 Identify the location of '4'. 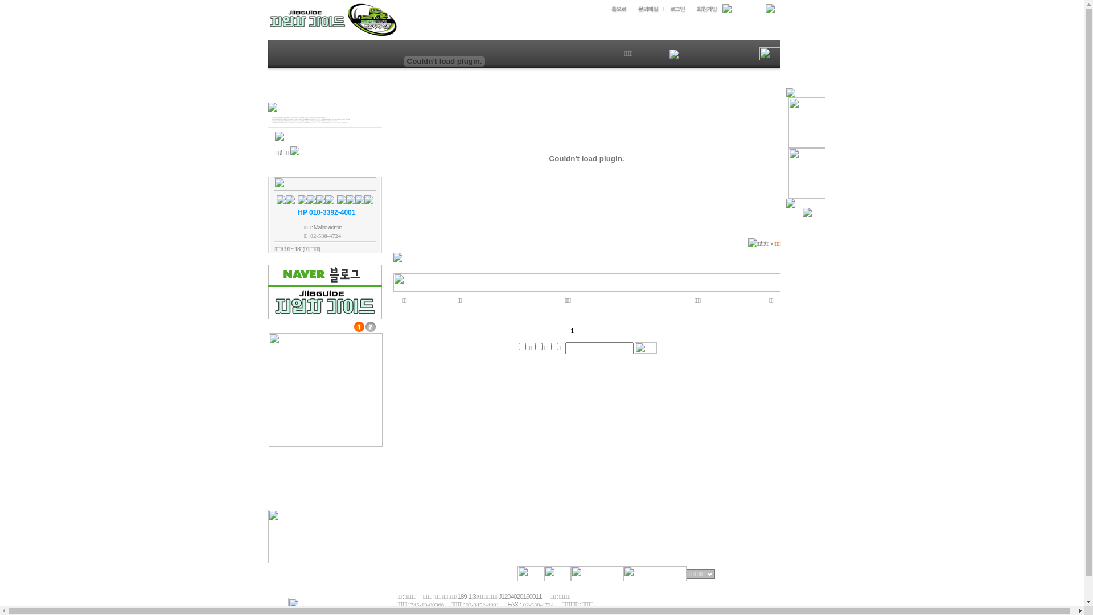
(554, 346).